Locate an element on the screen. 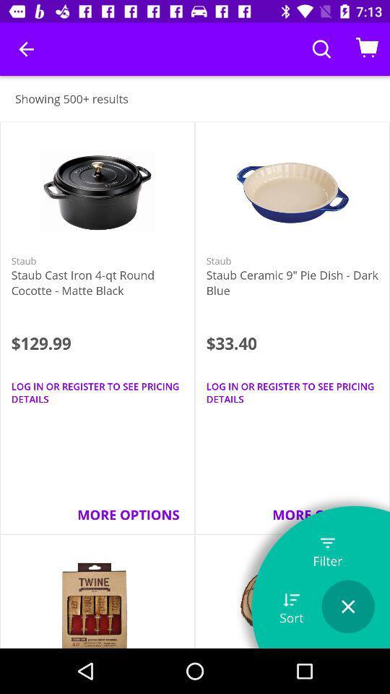  icon next to sort is located at coordinates (347, 607).